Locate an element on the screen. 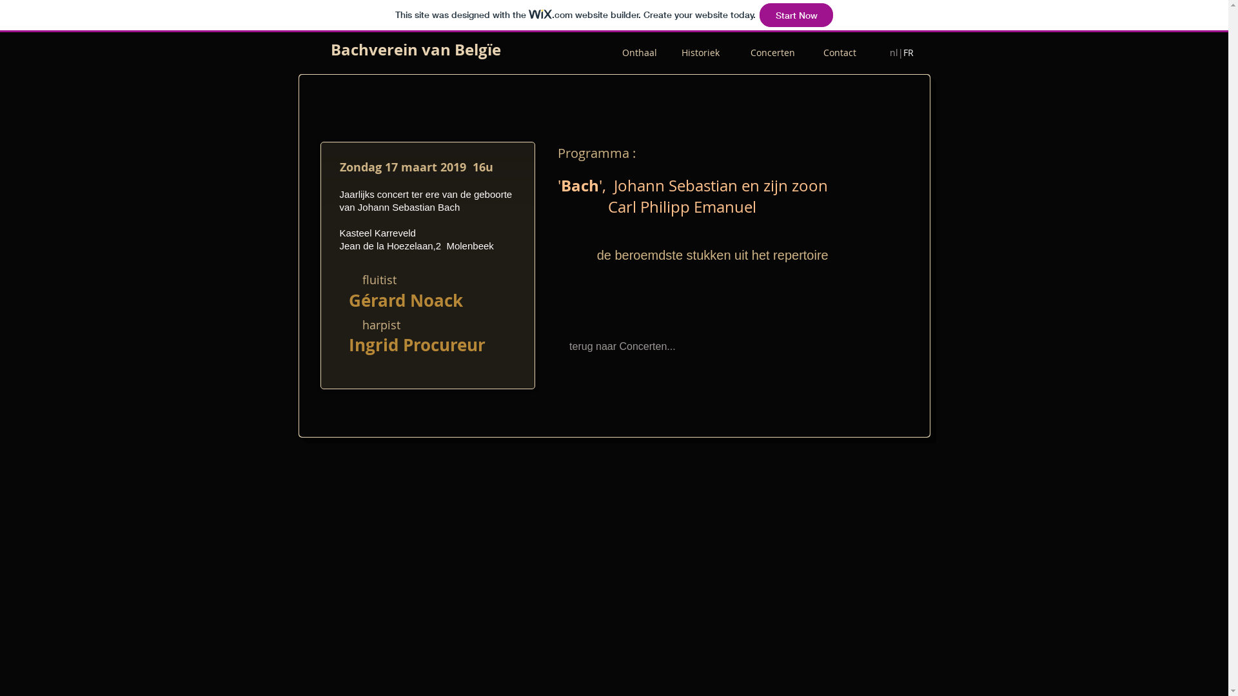 The width and height of the screenshot is (1238, 696). 'Concerten           ' is located at coordinates (786, 52).